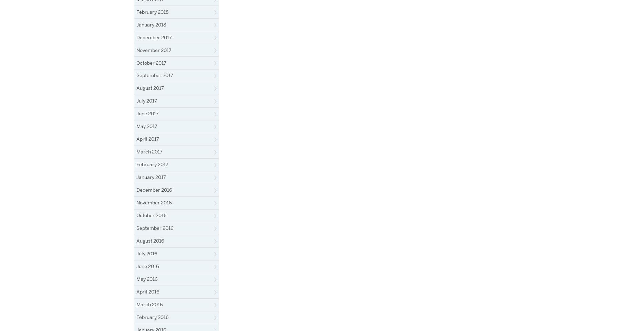 The image size is (620, 331). Describe the element at coordinates (136, 202) in the screenshot. I see `'November 2016'` at that location.